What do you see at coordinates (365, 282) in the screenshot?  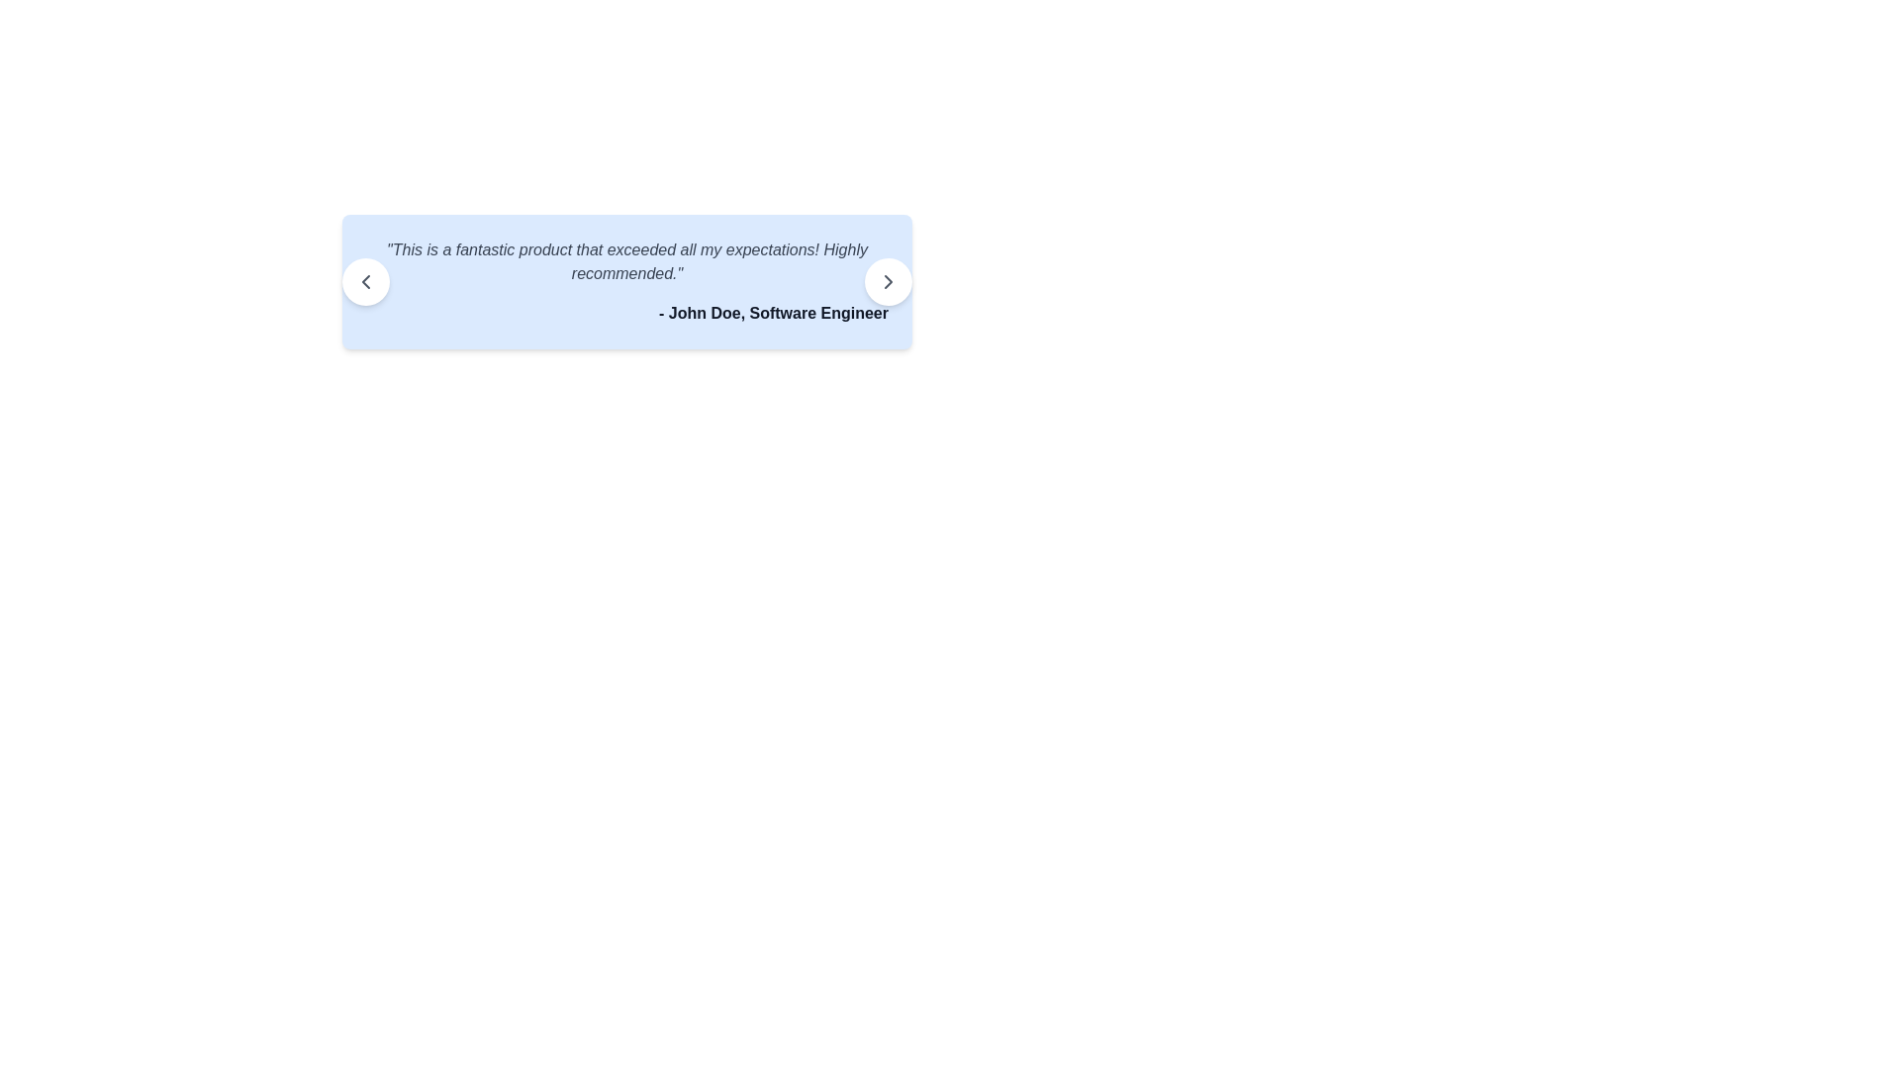 I see `the circular button with a white background and gray border featuring a left-facing chevron icon` at bounding box center [365, 282].